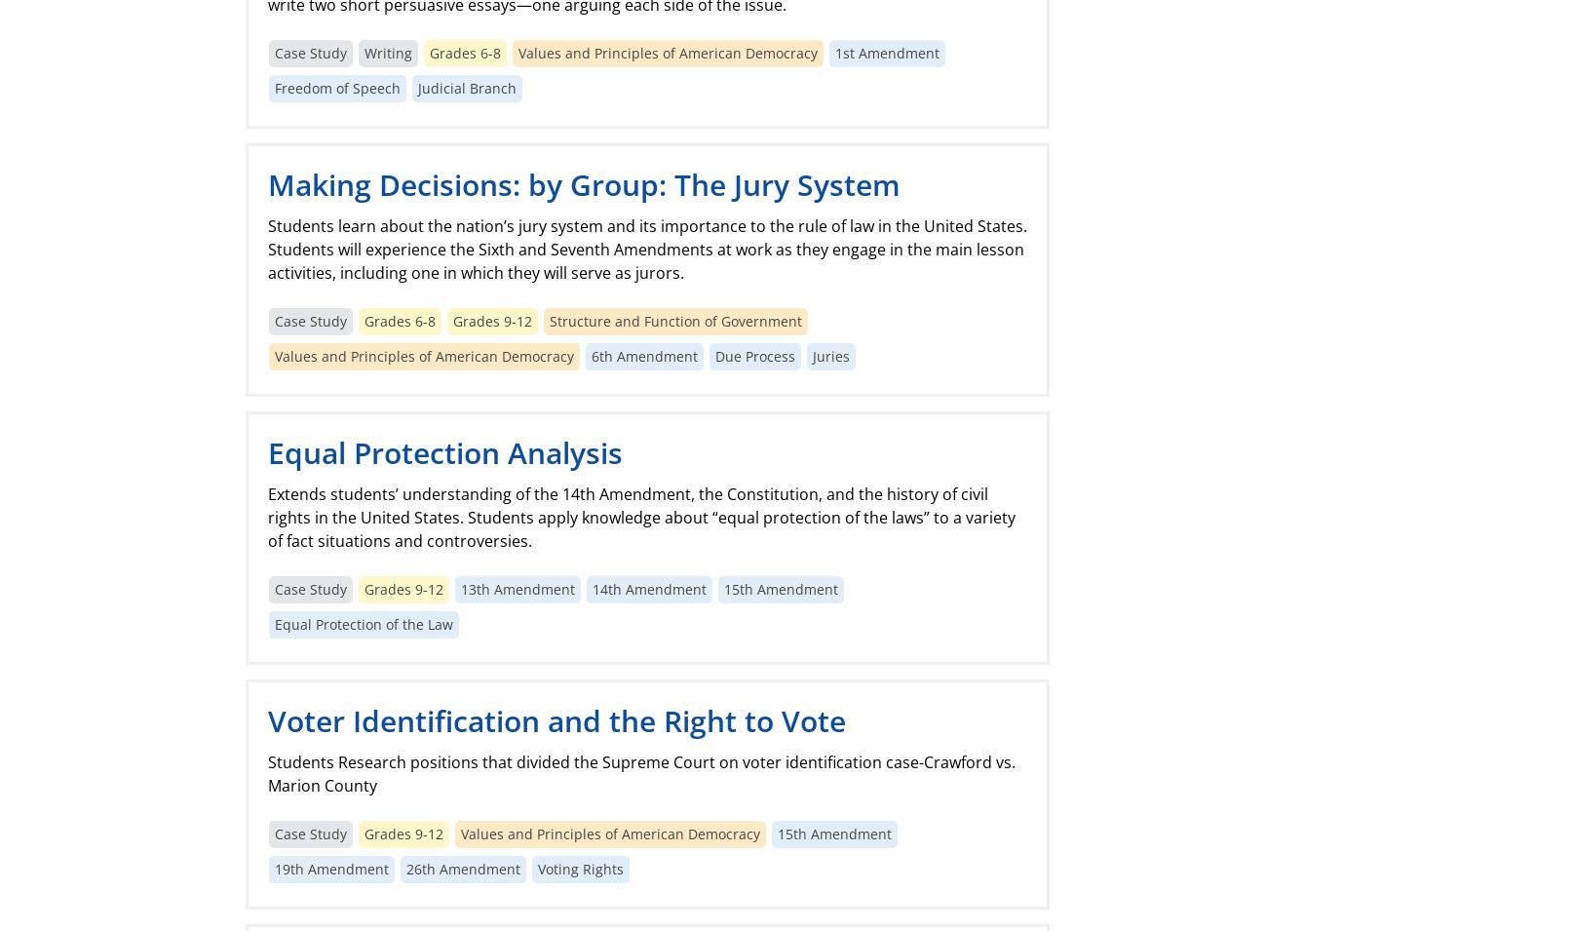 Image resolution: width=1573 pixels, height=931 pixels. I want to click on 'Voter Identification and the Right to Vote', so click(556, 719).